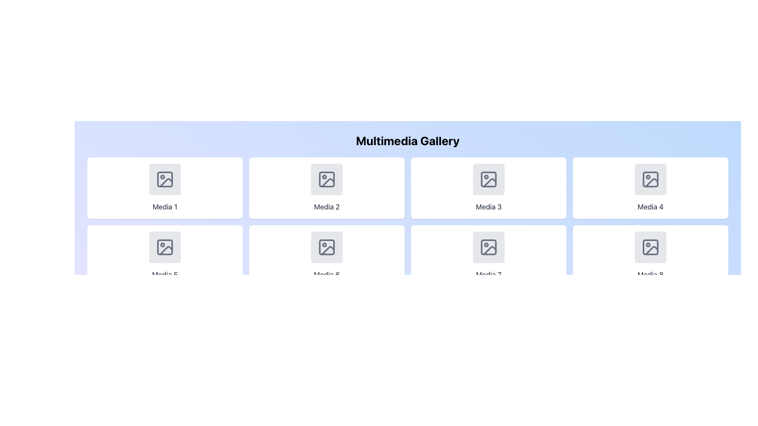  Describe the element at coordinates (164, 247) in the screenshot. I see `the small rectangular shape with rounded corners within the icon representing a placeholder for an image in the 'Media 5' tile` at that location.